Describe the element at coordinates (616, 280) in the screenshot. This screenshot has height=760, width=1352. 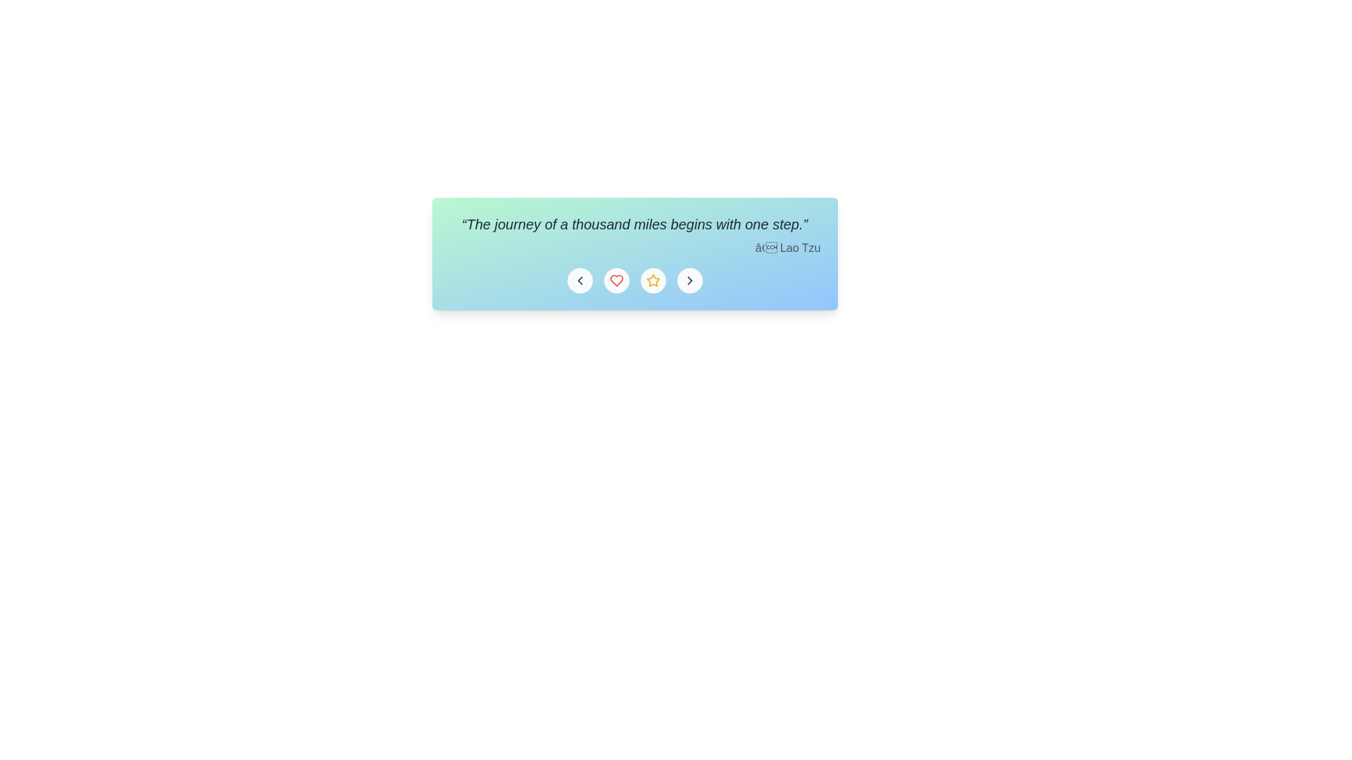
I see `the heart-shaped icon within its circular button` at that location.